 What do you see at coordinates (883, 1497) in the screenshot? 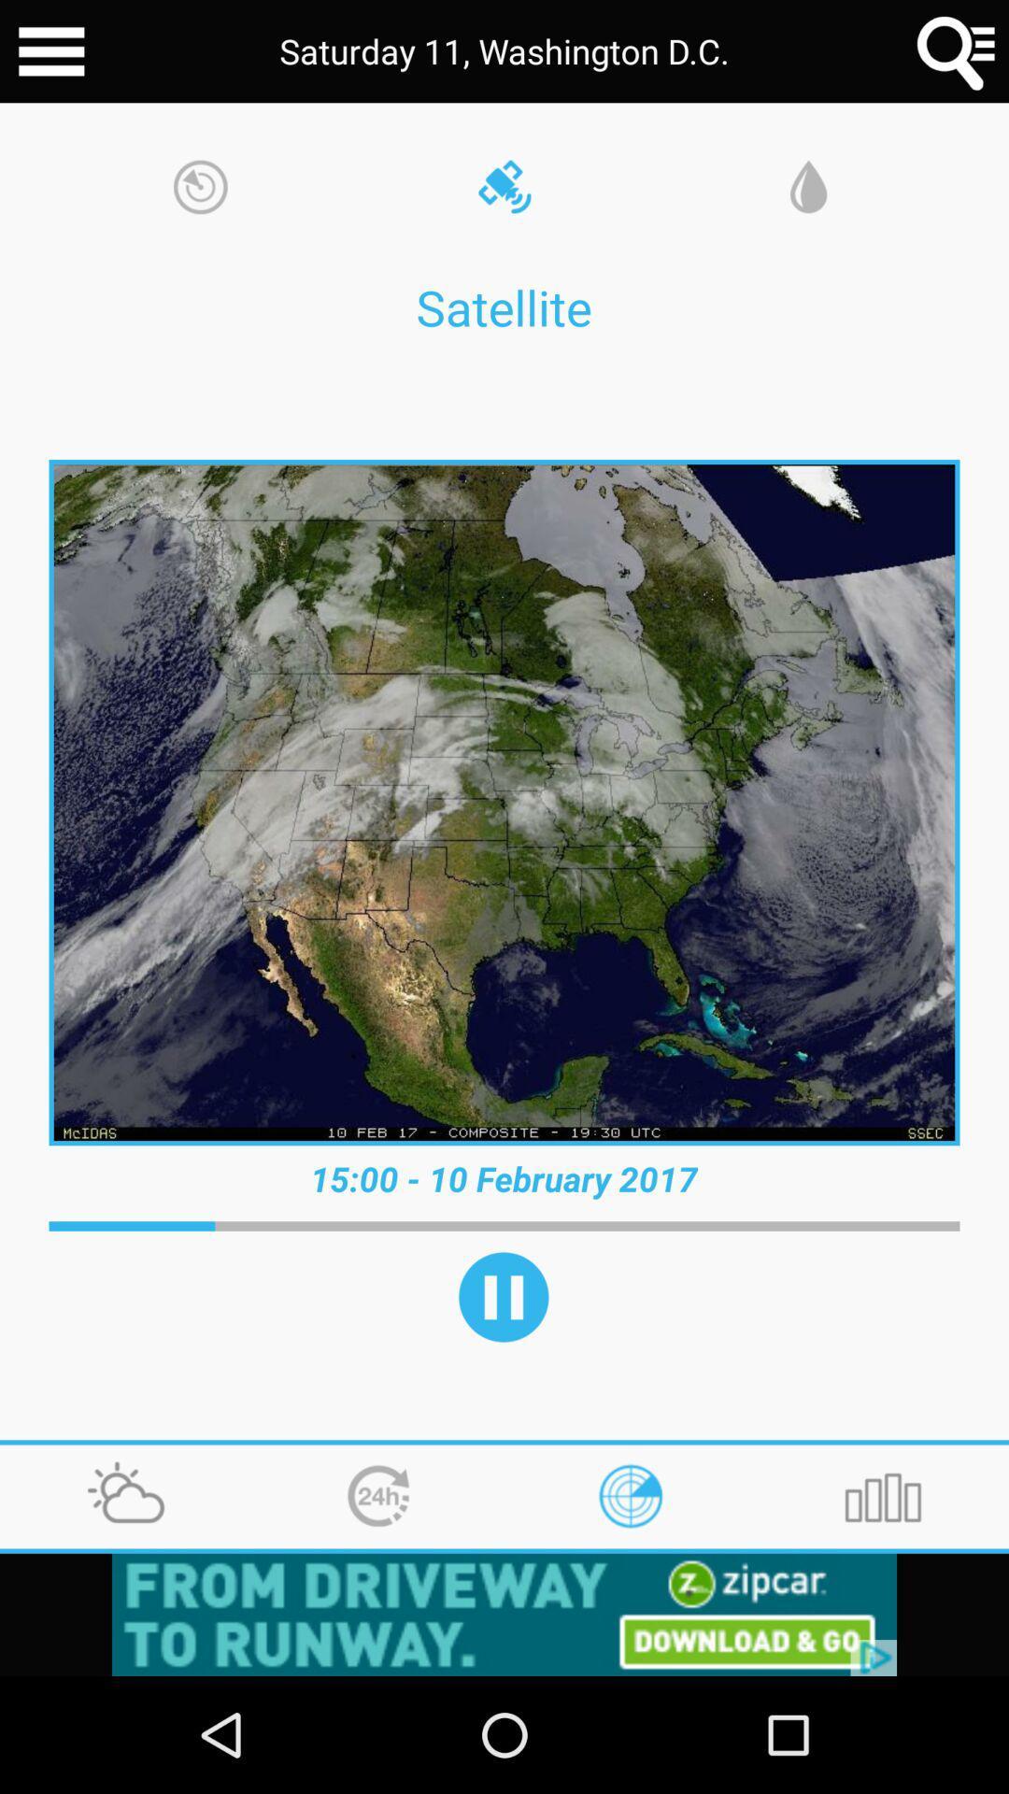
I see `the icon at the bottom right corner of the page` at bounding box center [883, 1497].